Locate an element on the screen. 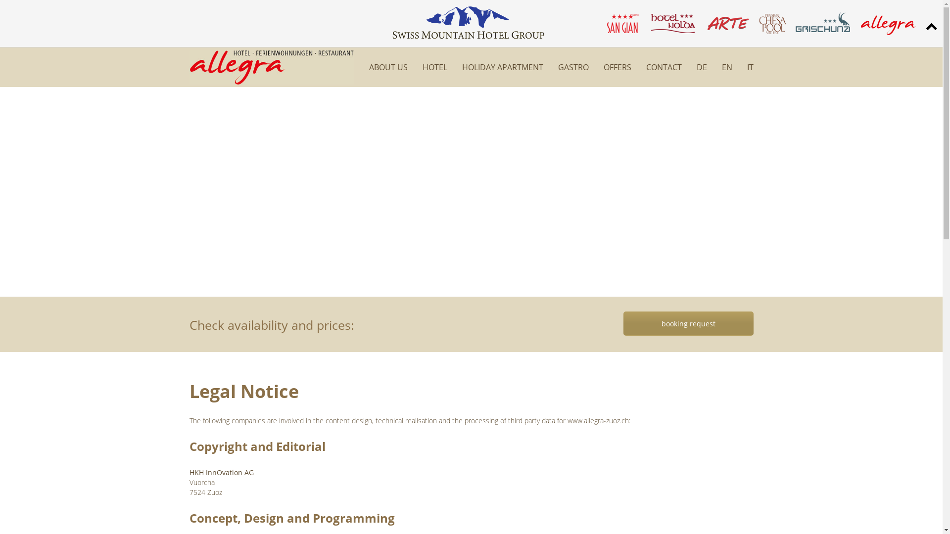  'DE' is located at coordinates (701, 67).